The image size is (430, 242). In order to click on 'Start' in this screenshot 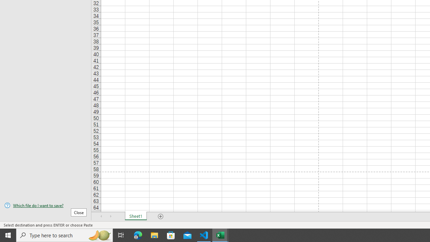, I will do `click(8, 235)`.